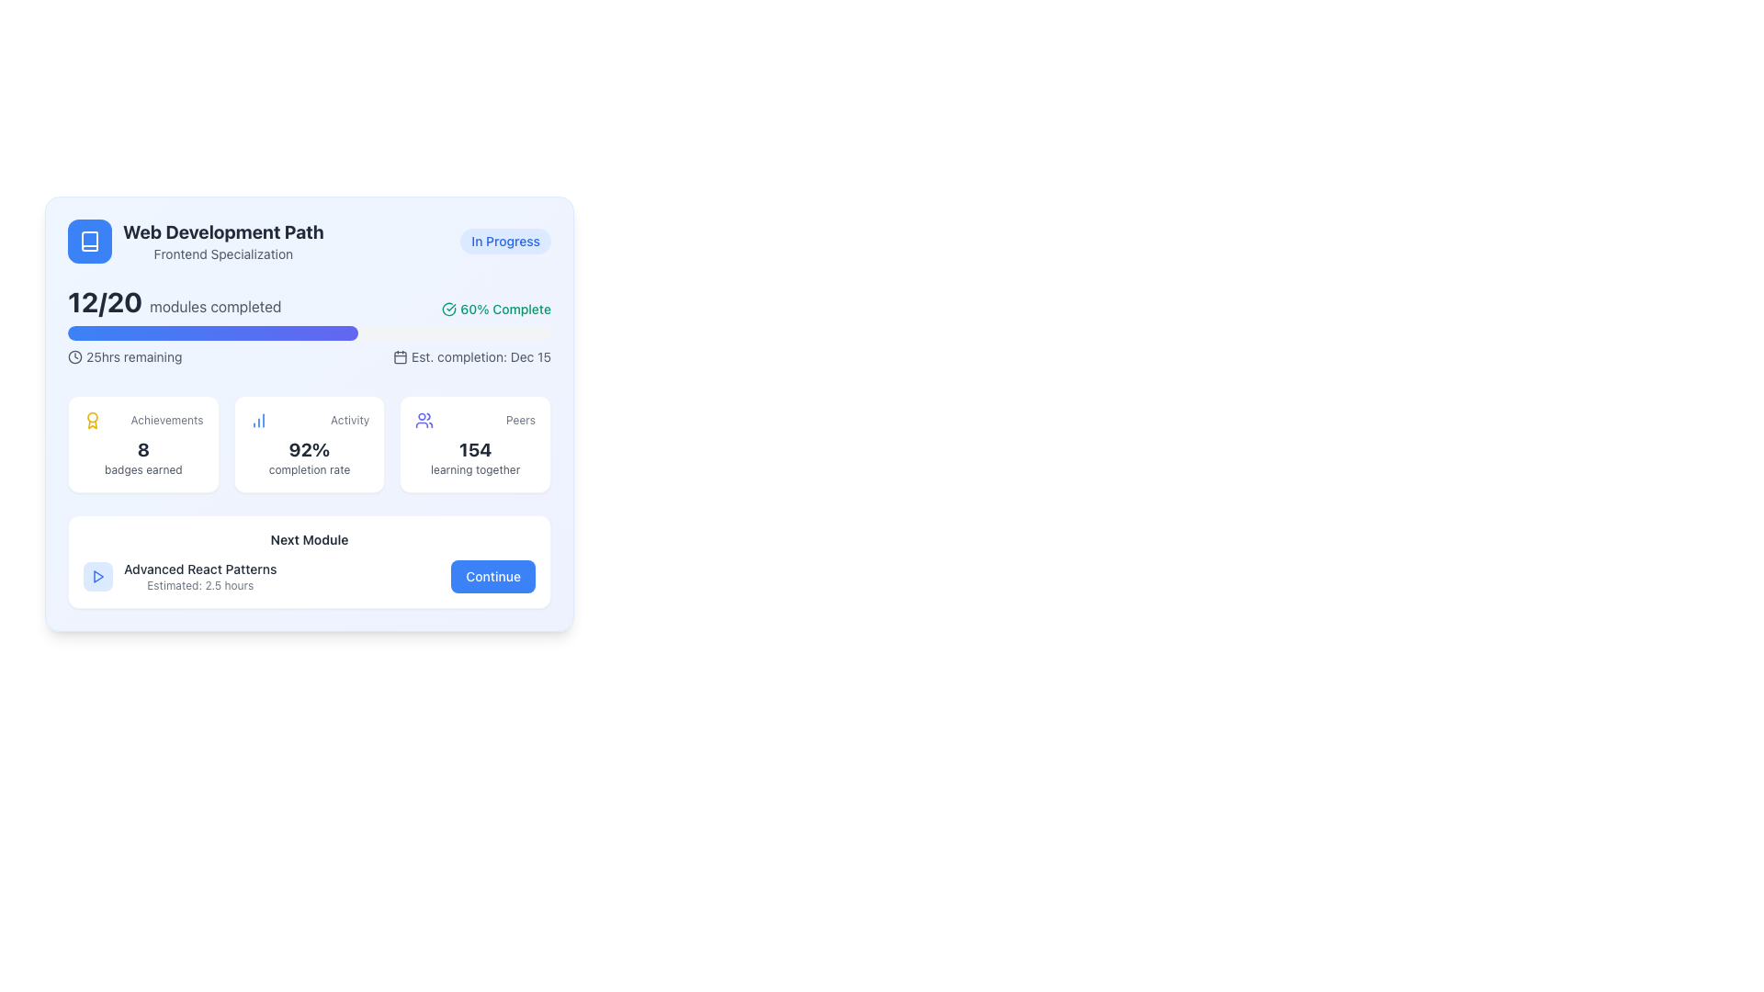 The width and height of the screenshot is (1764, 992). I want to click on numerical value indicating the number of achievements or badges earned, located centrally within the first card in the statistics section, directly below the 'Achievements' heading, so click(142, 449).